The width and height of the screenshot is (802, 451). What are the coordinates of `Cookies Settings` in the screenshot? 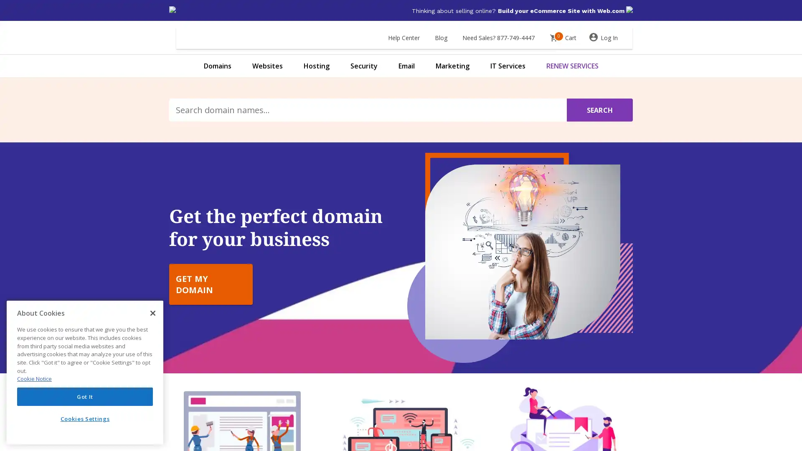 It's located at (85, 418).